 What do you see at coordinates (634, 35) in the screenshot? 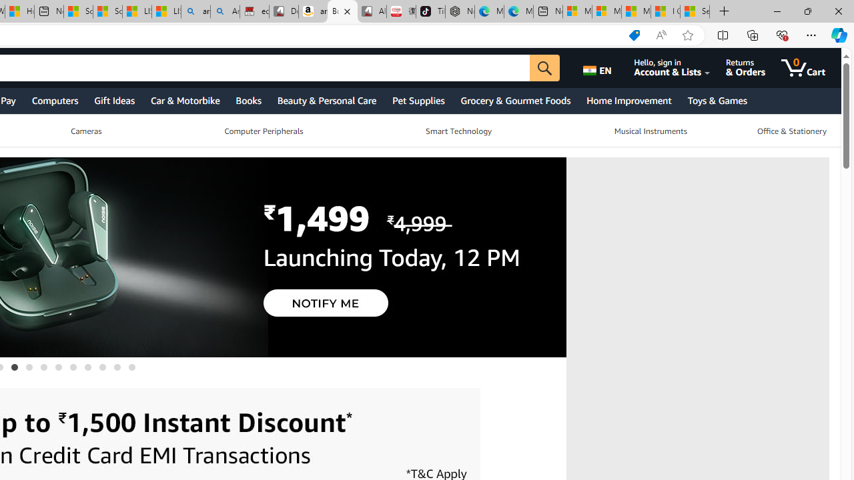
I see `'Shopping in Microsoft Edge'` at bounding box center [634, 35].